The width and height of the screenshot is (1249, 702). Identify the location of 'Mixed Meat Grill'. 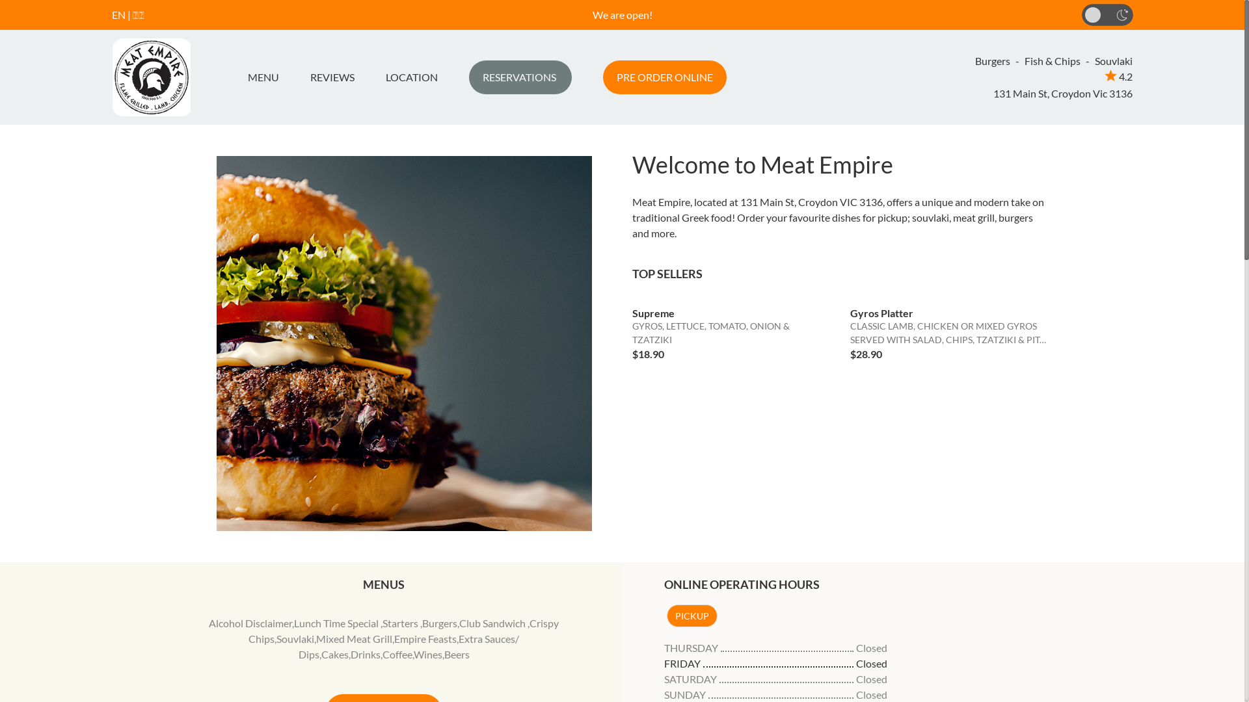
(316, 638).